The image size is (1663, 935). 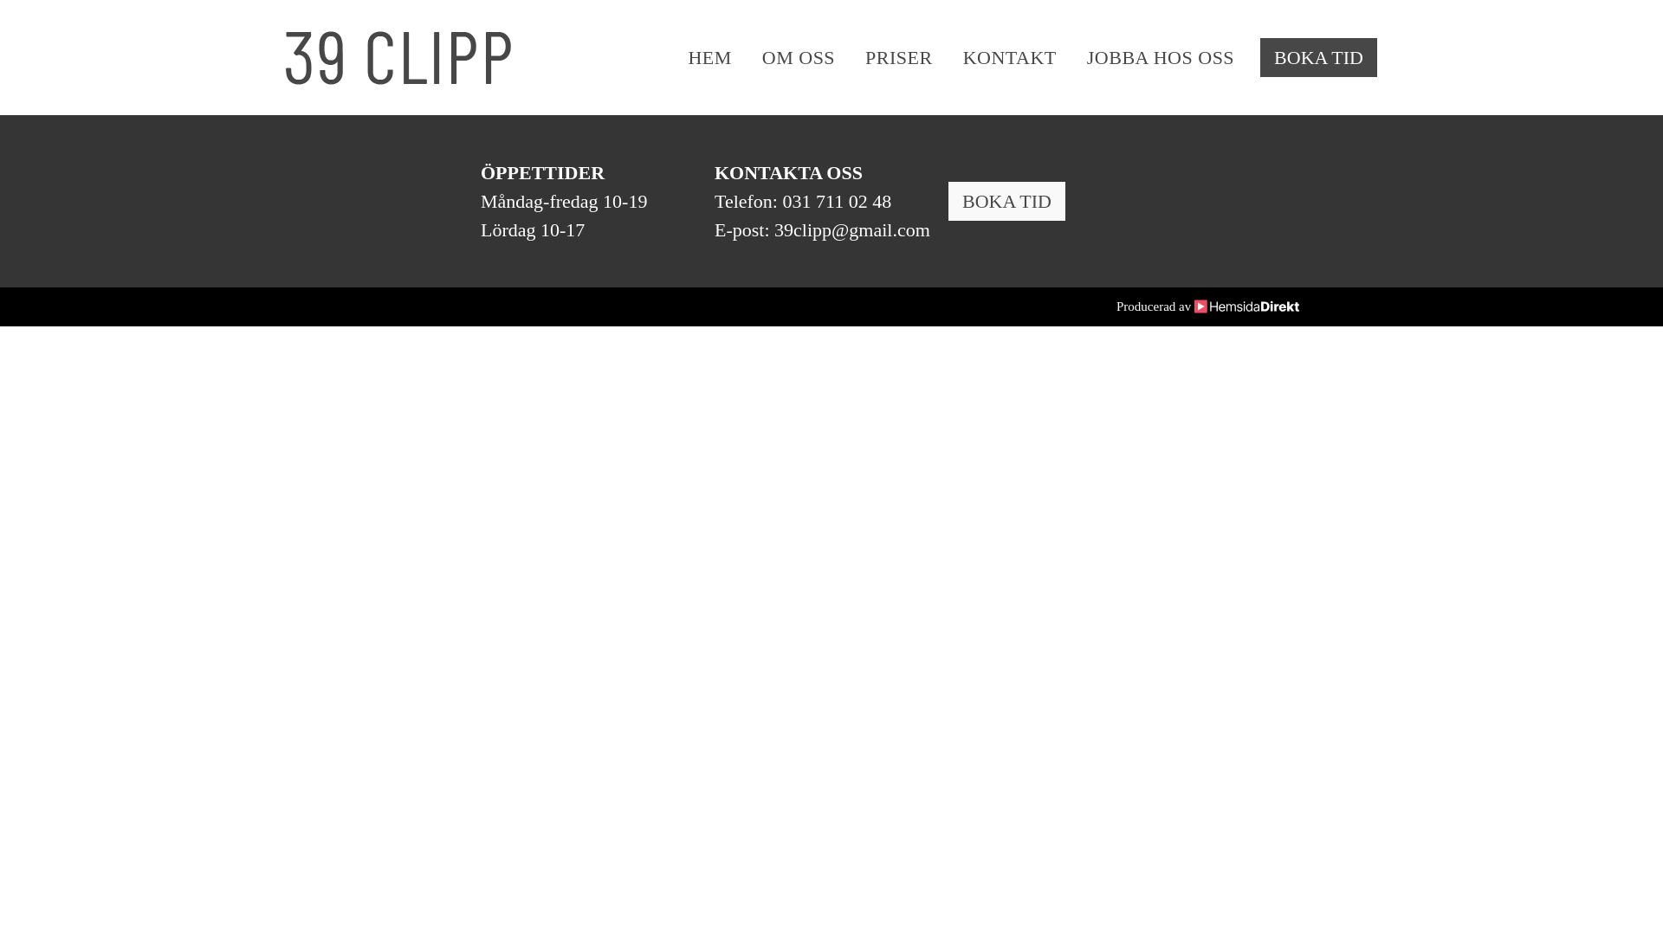 I want to click on 'OM OSS', so click(x=782, y=56).